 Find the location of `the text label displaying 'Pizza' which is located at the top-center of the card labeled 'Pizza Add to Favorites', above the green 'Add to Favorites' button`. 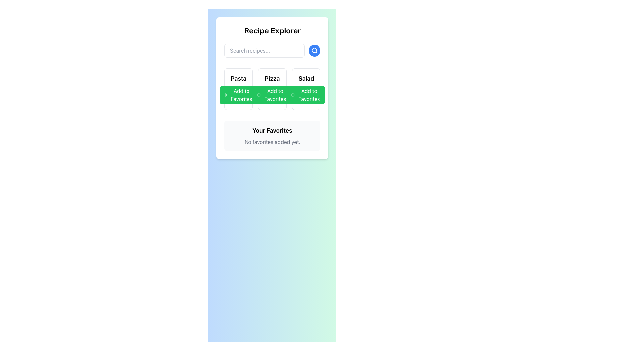

the text label displaying 'Pizza' which is located at the top-center of the card labeled 'Pizza Add to Favorites', above the green 'Add to Favorites' button is located at coordinates (272, 78).